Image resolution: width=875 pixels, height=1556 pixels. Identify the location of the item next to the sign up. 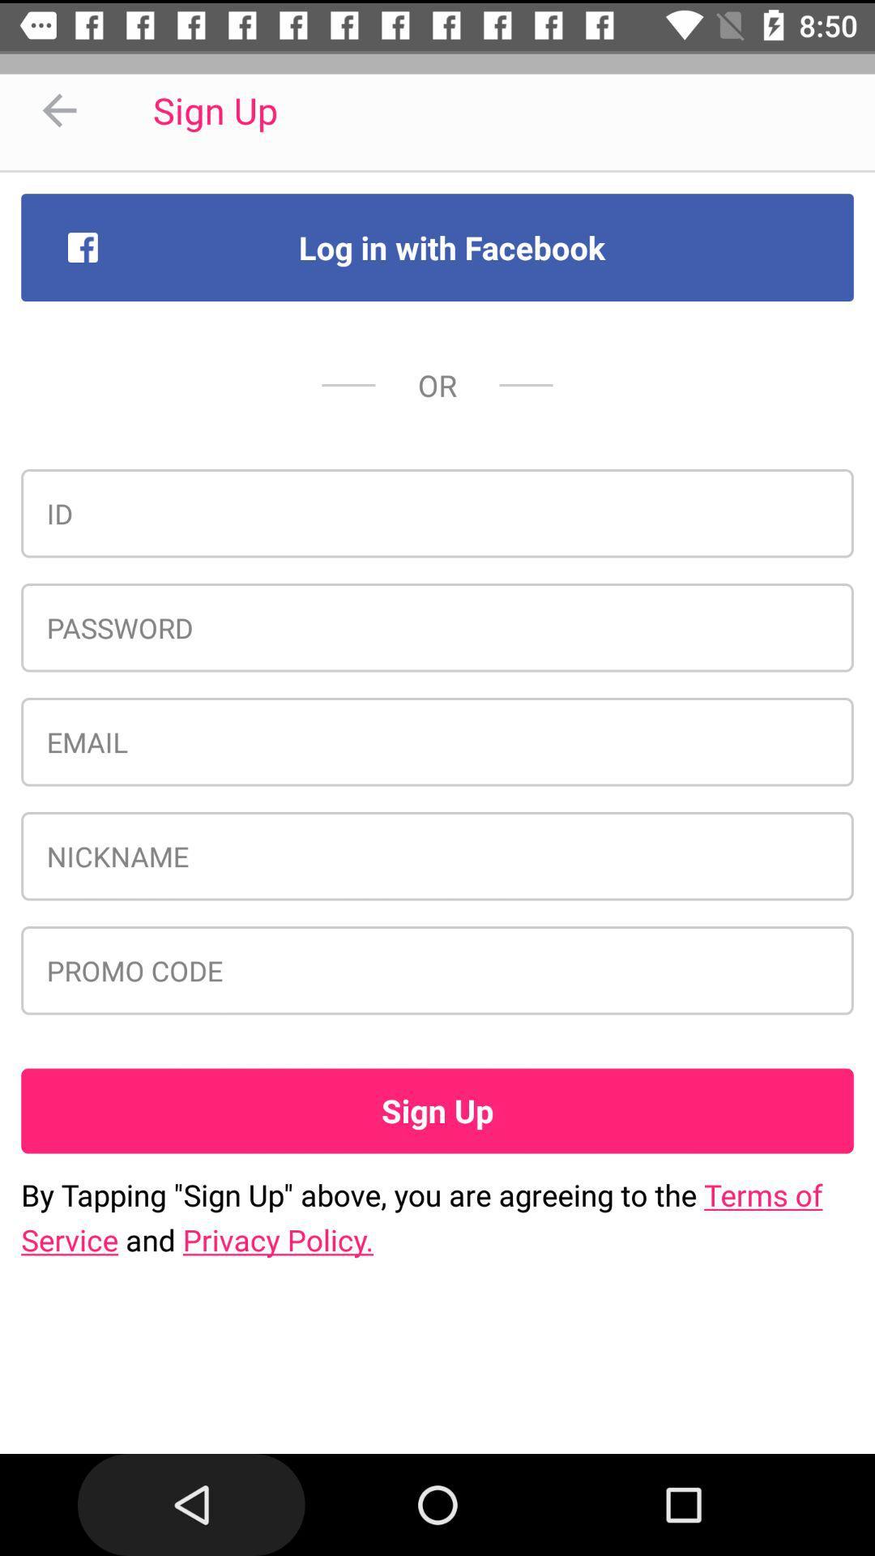
(58, 109).